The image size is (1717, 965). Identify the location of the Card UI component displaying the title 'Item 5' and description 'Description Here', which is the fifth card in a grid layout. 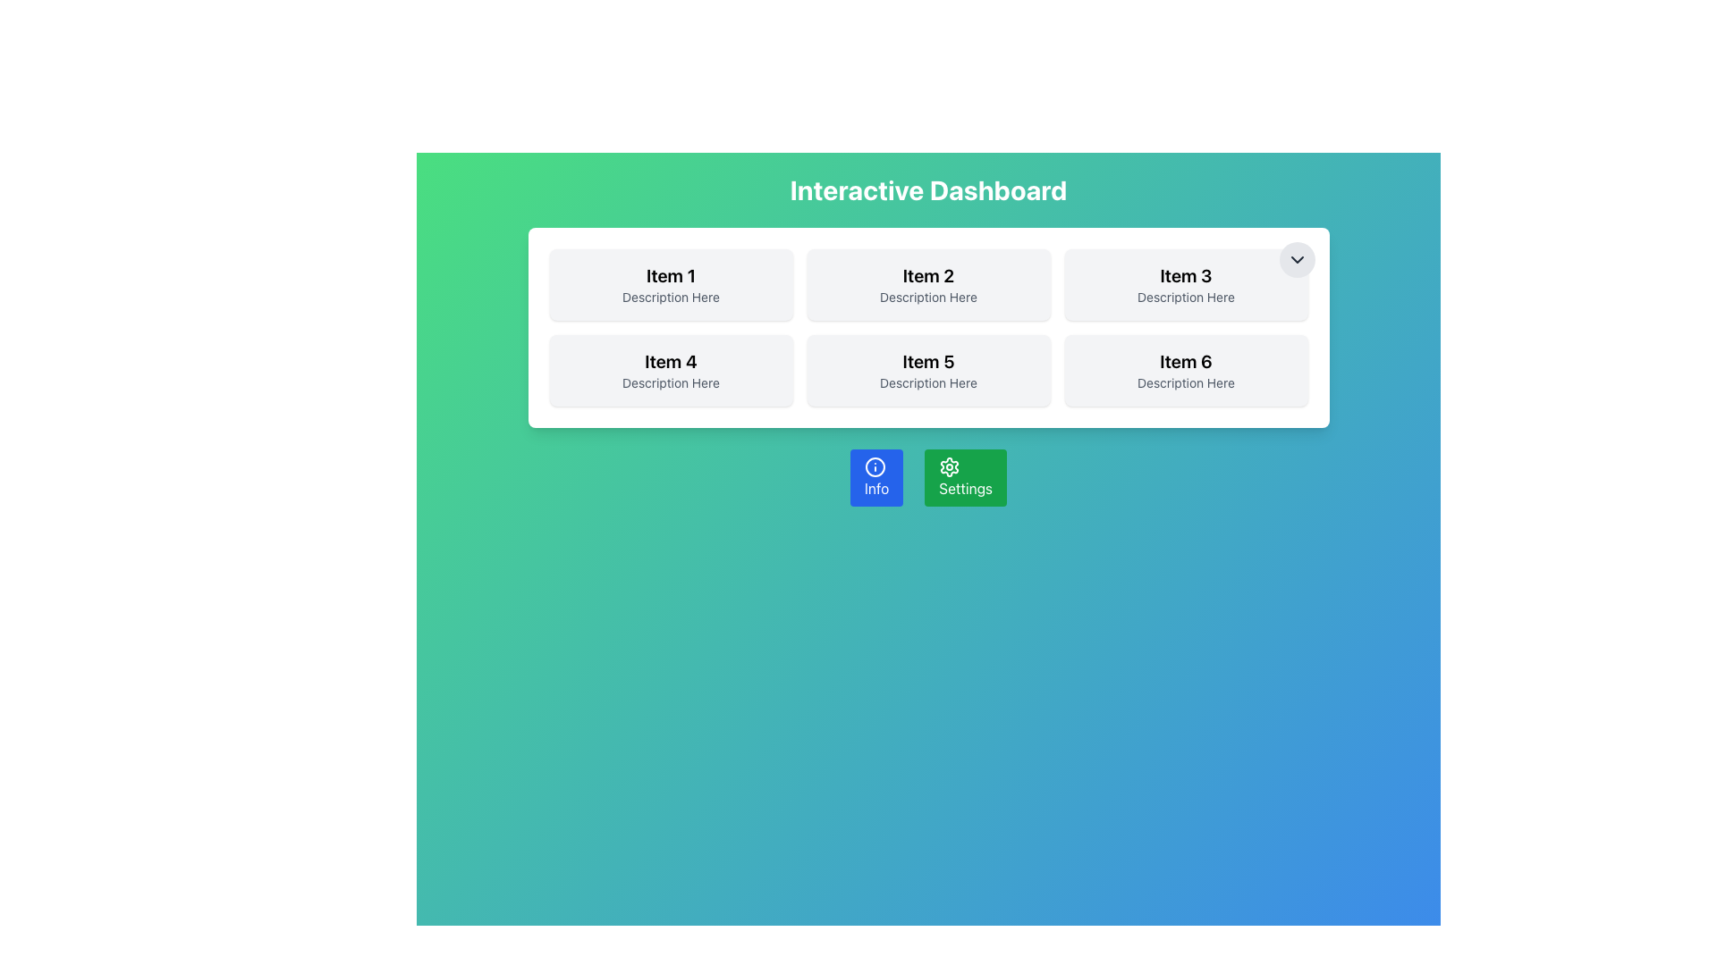
(928, 370).